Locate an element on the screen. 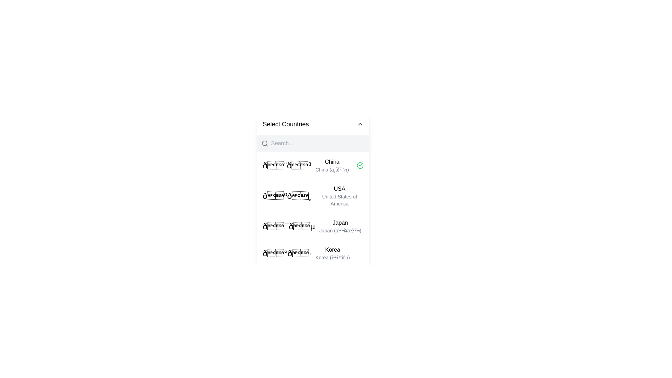 The height and width of the screenshot is (378, 672). the last selectable list item displaying the flag emoji and 'Korea' is located at coordinates (313, 253).